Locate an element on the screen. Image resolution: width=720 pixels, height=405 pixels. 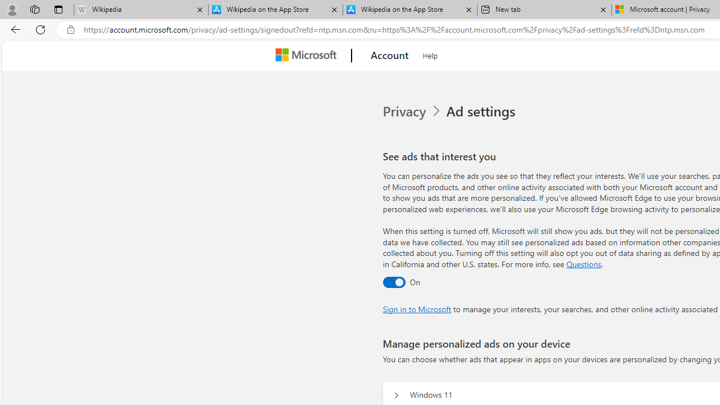
'Ad settings' is located at coordinates (483, 111).